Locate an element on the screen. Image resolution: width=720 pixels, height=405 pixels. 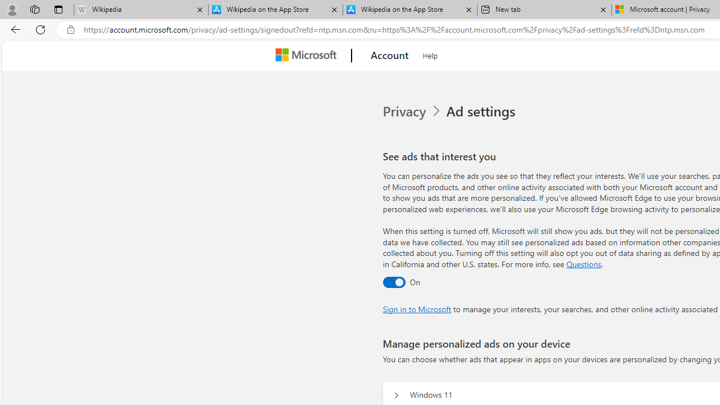
'Ad settings' is located at coordinates (483, 111).